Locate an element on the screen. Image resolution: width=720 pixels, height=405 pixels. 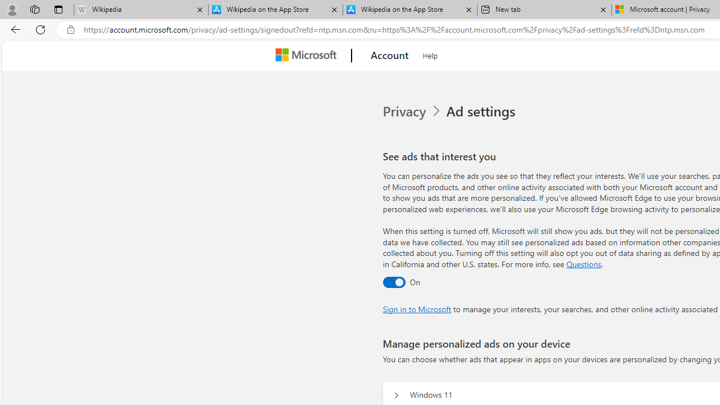
'Ad settings' is located at coordinates (483, 111).